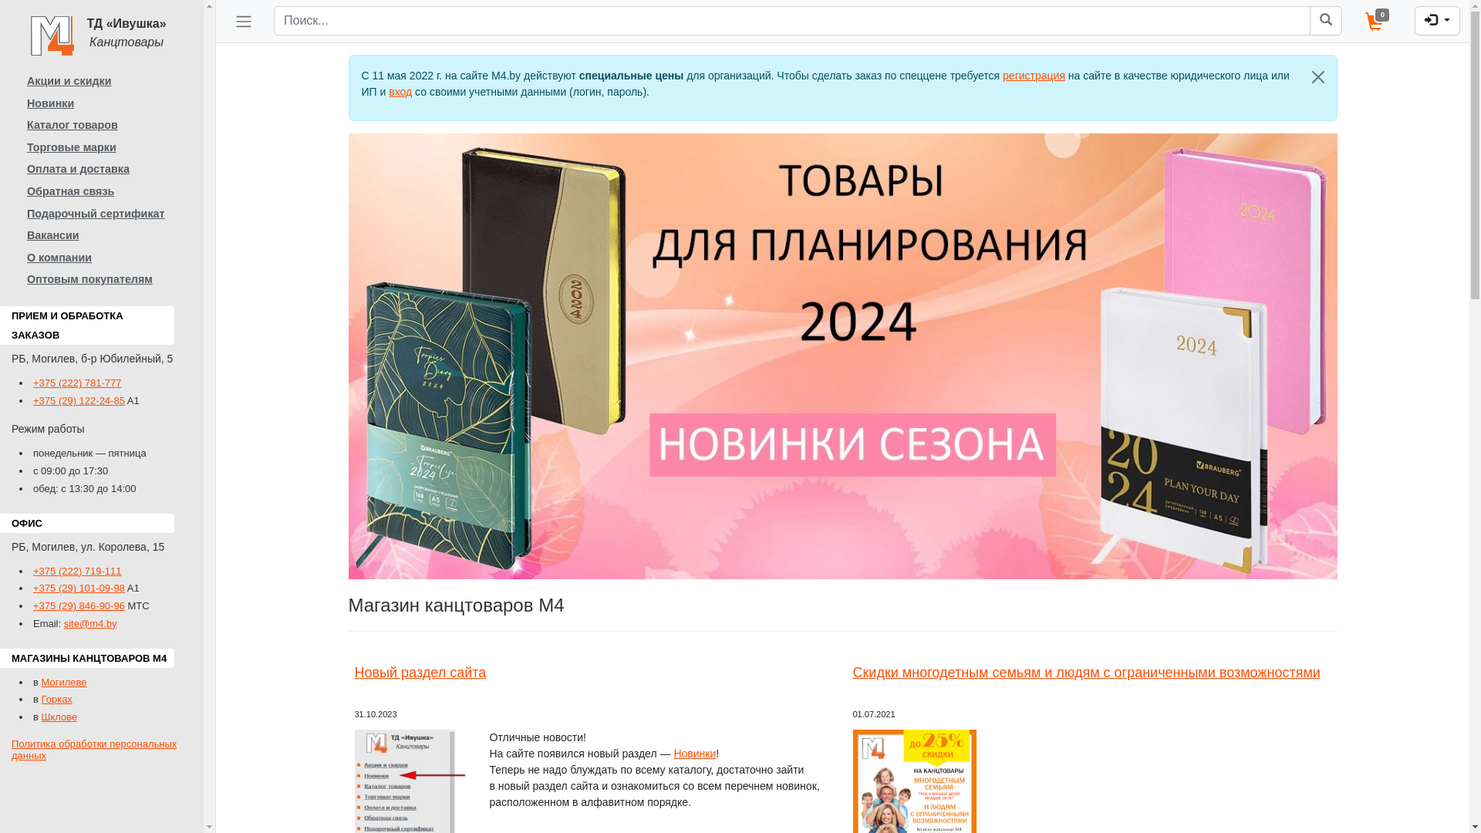 The height and width of the screenshot is (833, 1481). Describe the element at coordinates (78, 588) in the screenshot. I see `'+375 (29) 101-09-98'` at that location.